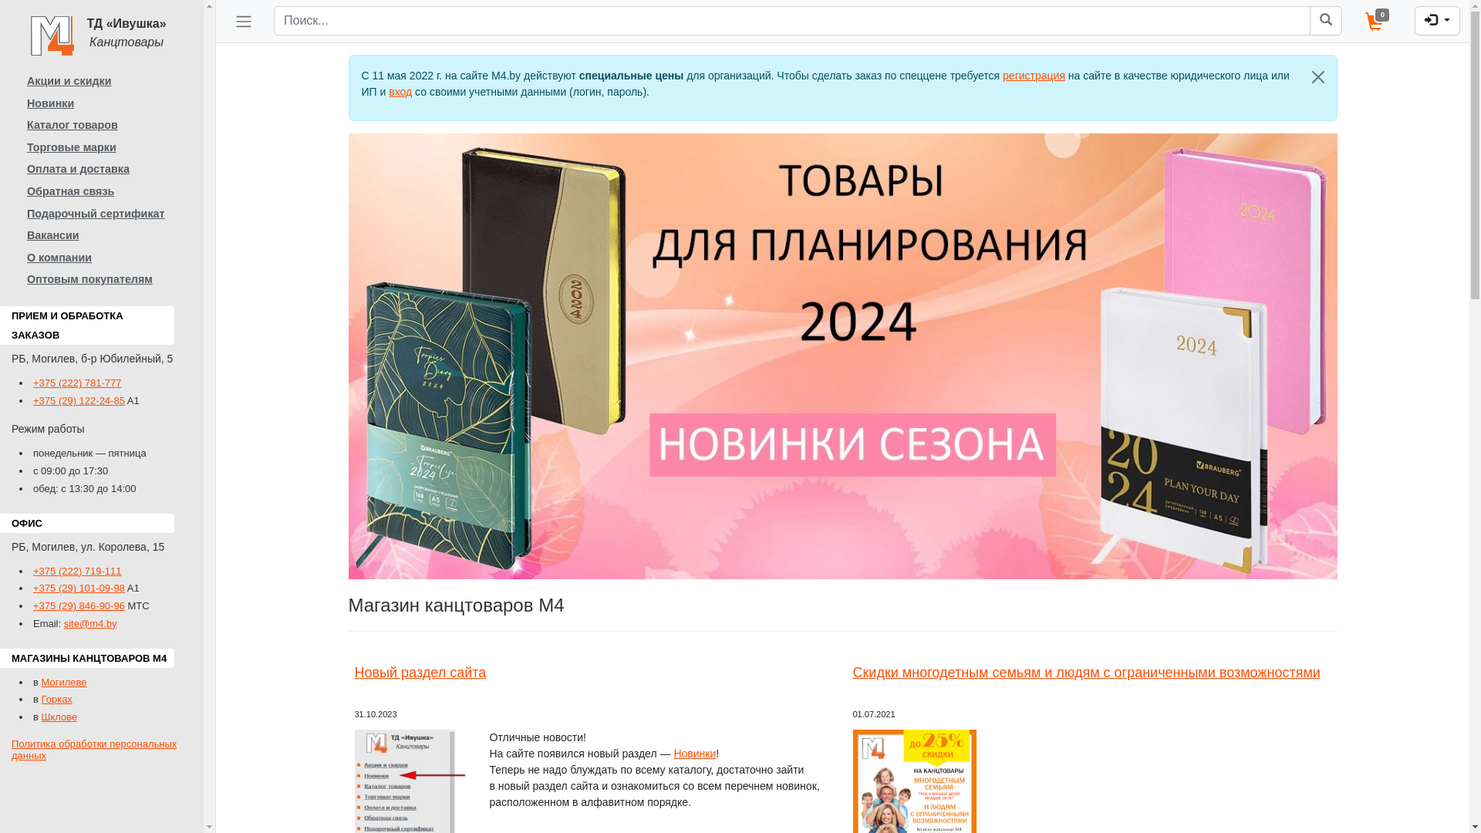 The height and width of the screenshot is (833, 1481). Describe the element at coordinates (78, 588) in the screenshot. I see `'+375 (29) 101-09-98'` at that location.